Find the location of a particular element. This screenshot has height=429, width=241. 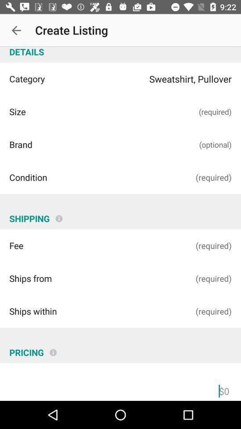

item above (required) is located at coordinates (59, 214).